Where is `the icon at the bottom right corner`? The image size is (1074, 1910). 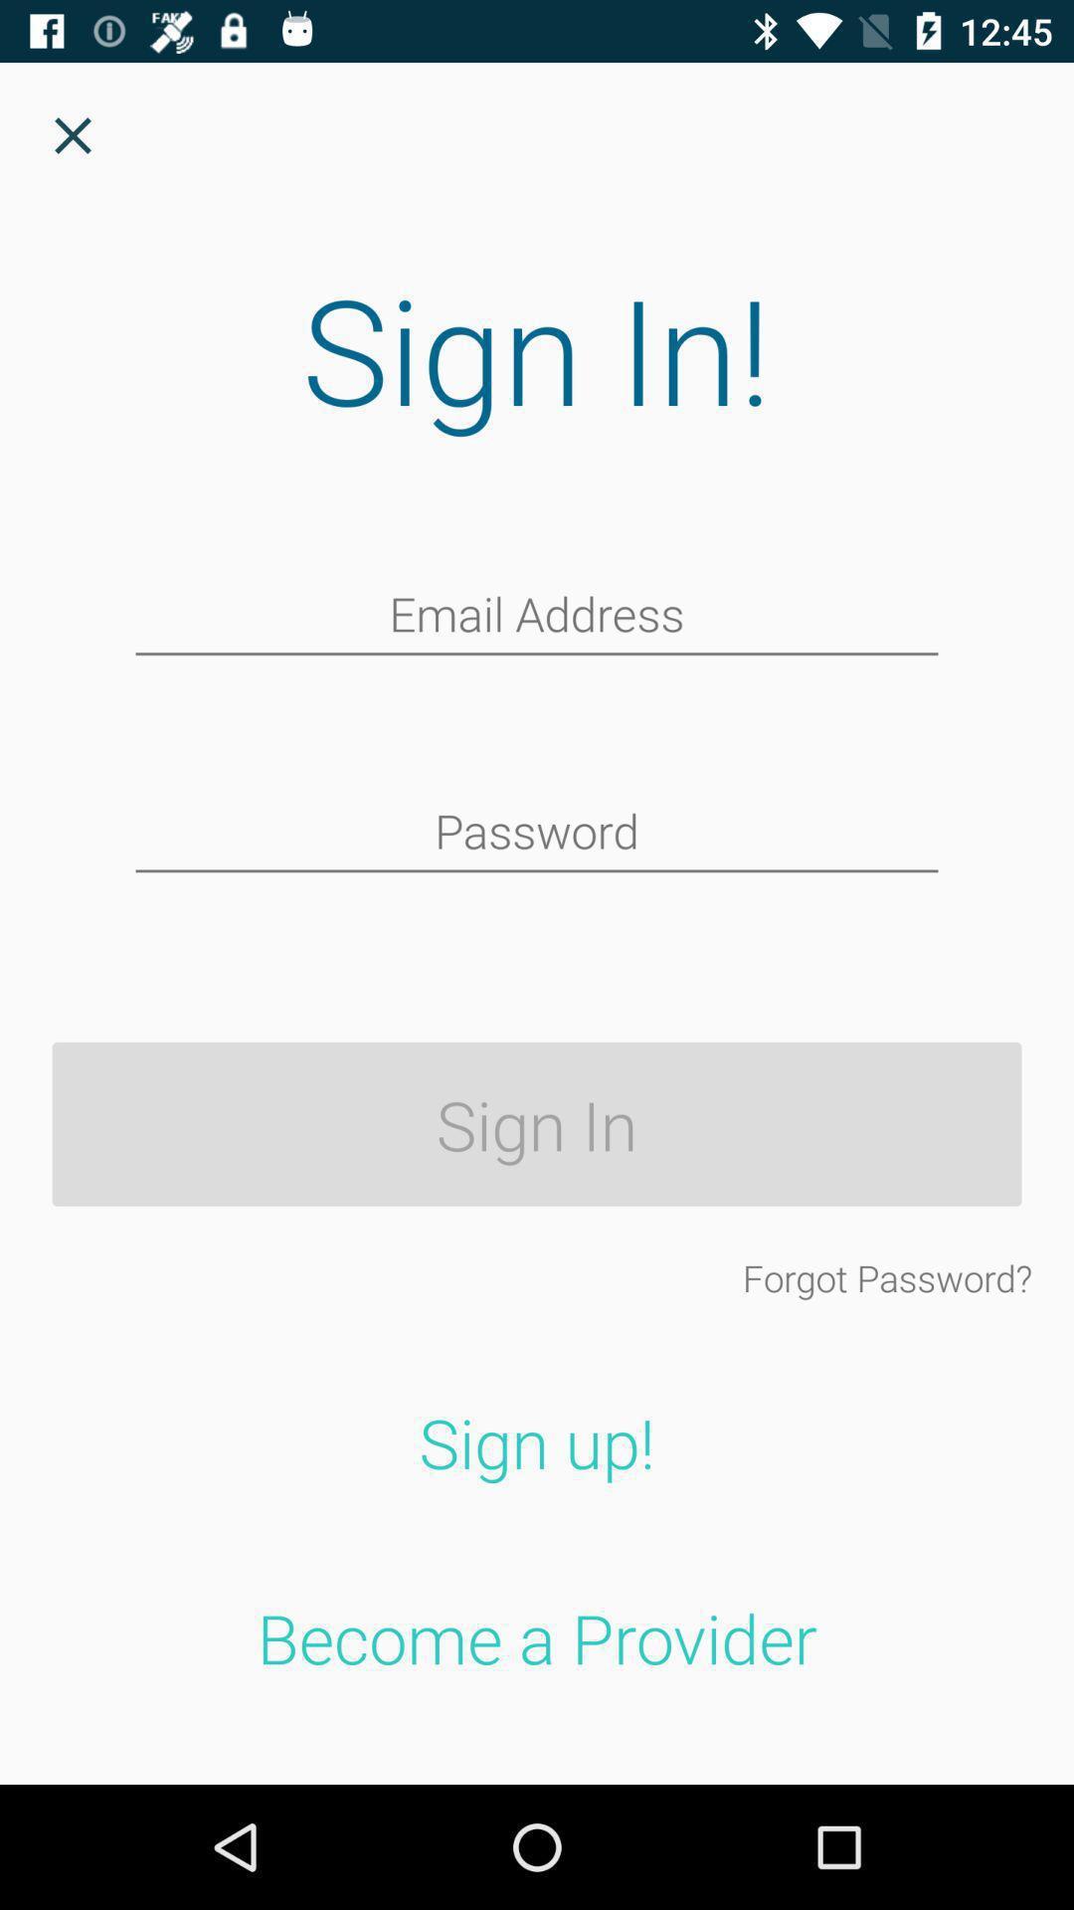
the icon at the bottom right corner is located at coordinates (886, 1277).